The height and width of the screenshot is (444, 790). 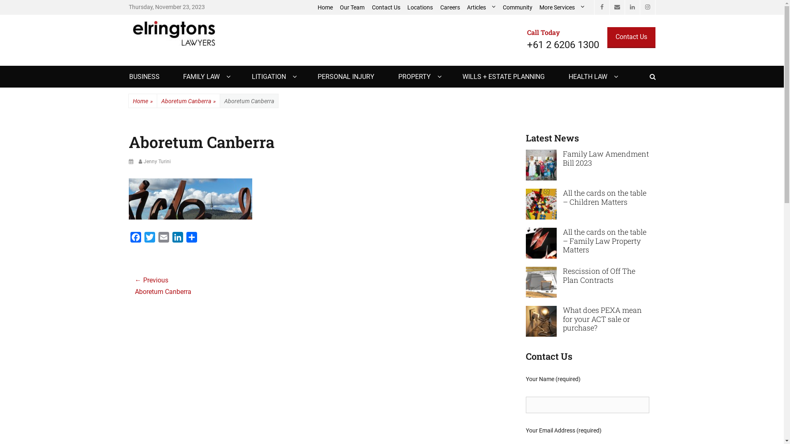 I want to click on 'More Services', so click(x=535, y=7).